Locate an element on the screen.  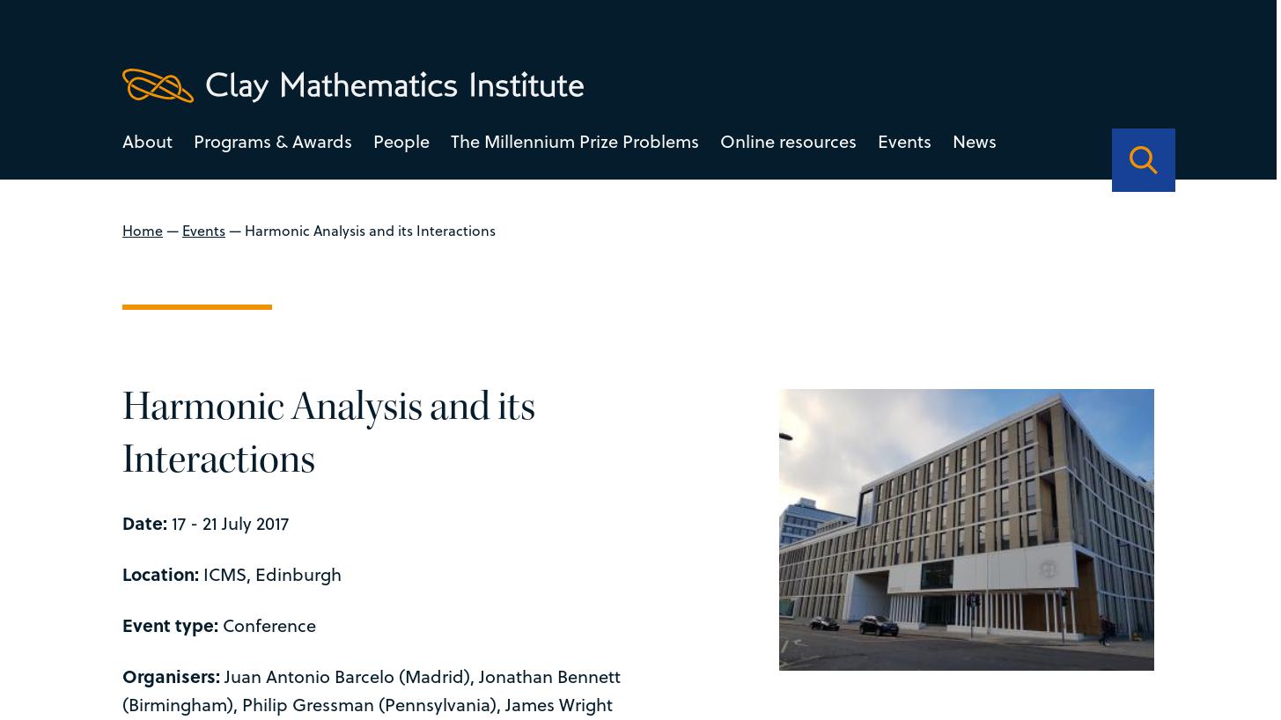
'Home' is located at coordinates (142, 229).